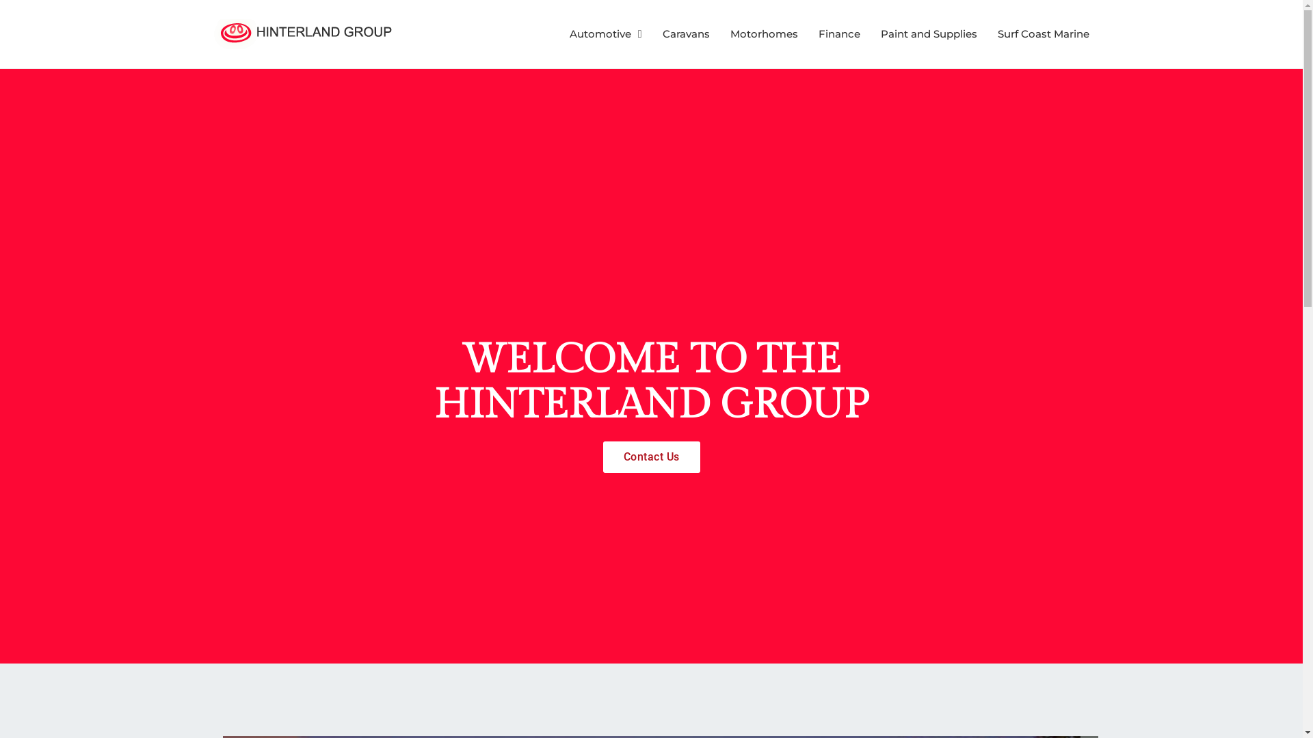  Describe the element at coordinates (602, 456) in the screenshot. I see `'Contact Us'` at that location.